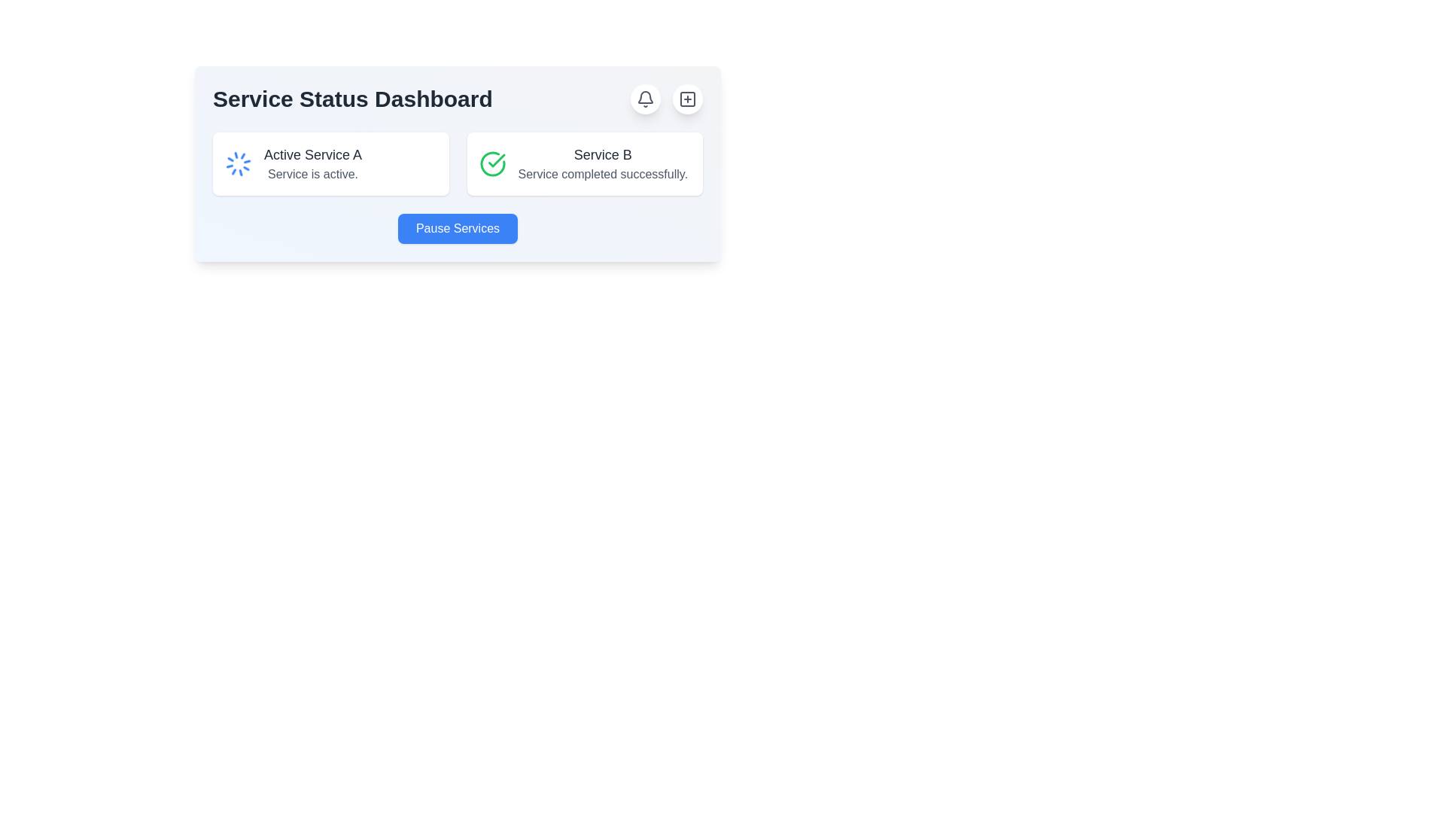 Image resolution: width=1445 pixels, height=813 pixels. Describe the element at coordinates (457, 99) in the screenshot. I see `the 'Service Status Dashboard' header element, which is styled with bold, large font and positioned at the top center of the display` at that location.